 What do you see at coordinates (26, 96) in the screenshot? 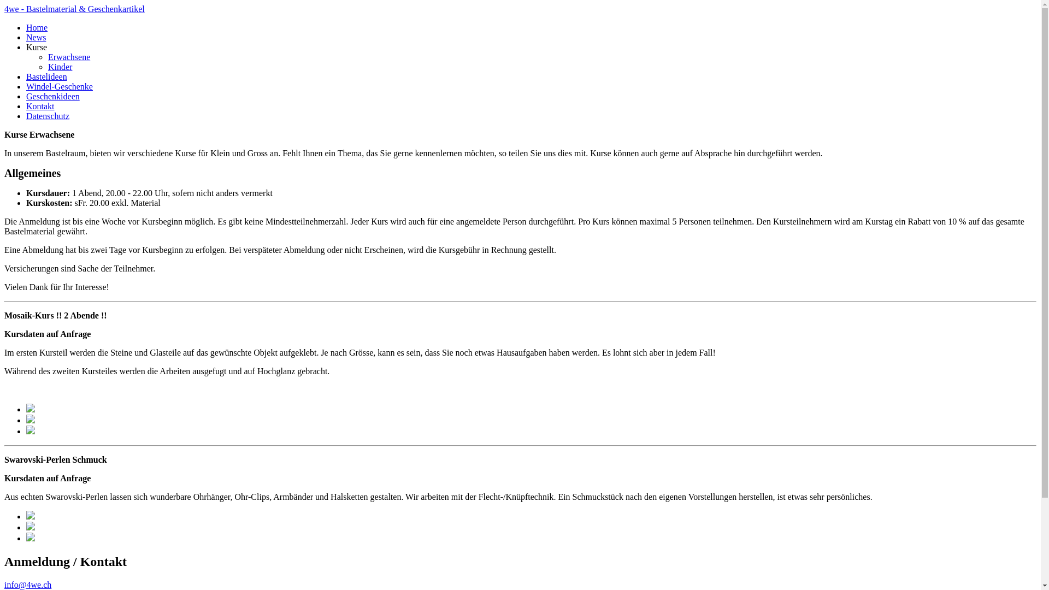
I see `'Geschenkideen'` at bounding box center [26, 96].